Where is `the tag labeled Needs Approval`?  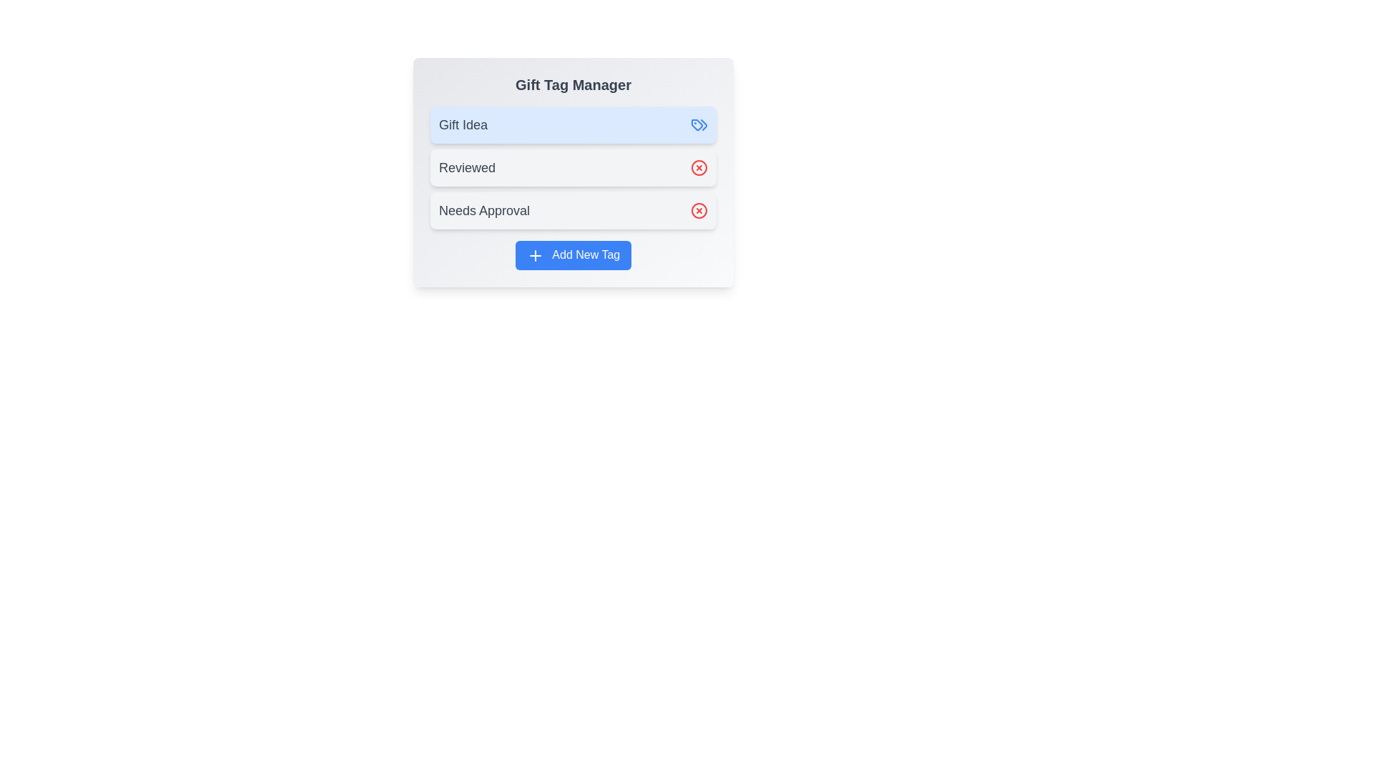
the tag labeled Needs Approval is located at coordinates (573, 210).